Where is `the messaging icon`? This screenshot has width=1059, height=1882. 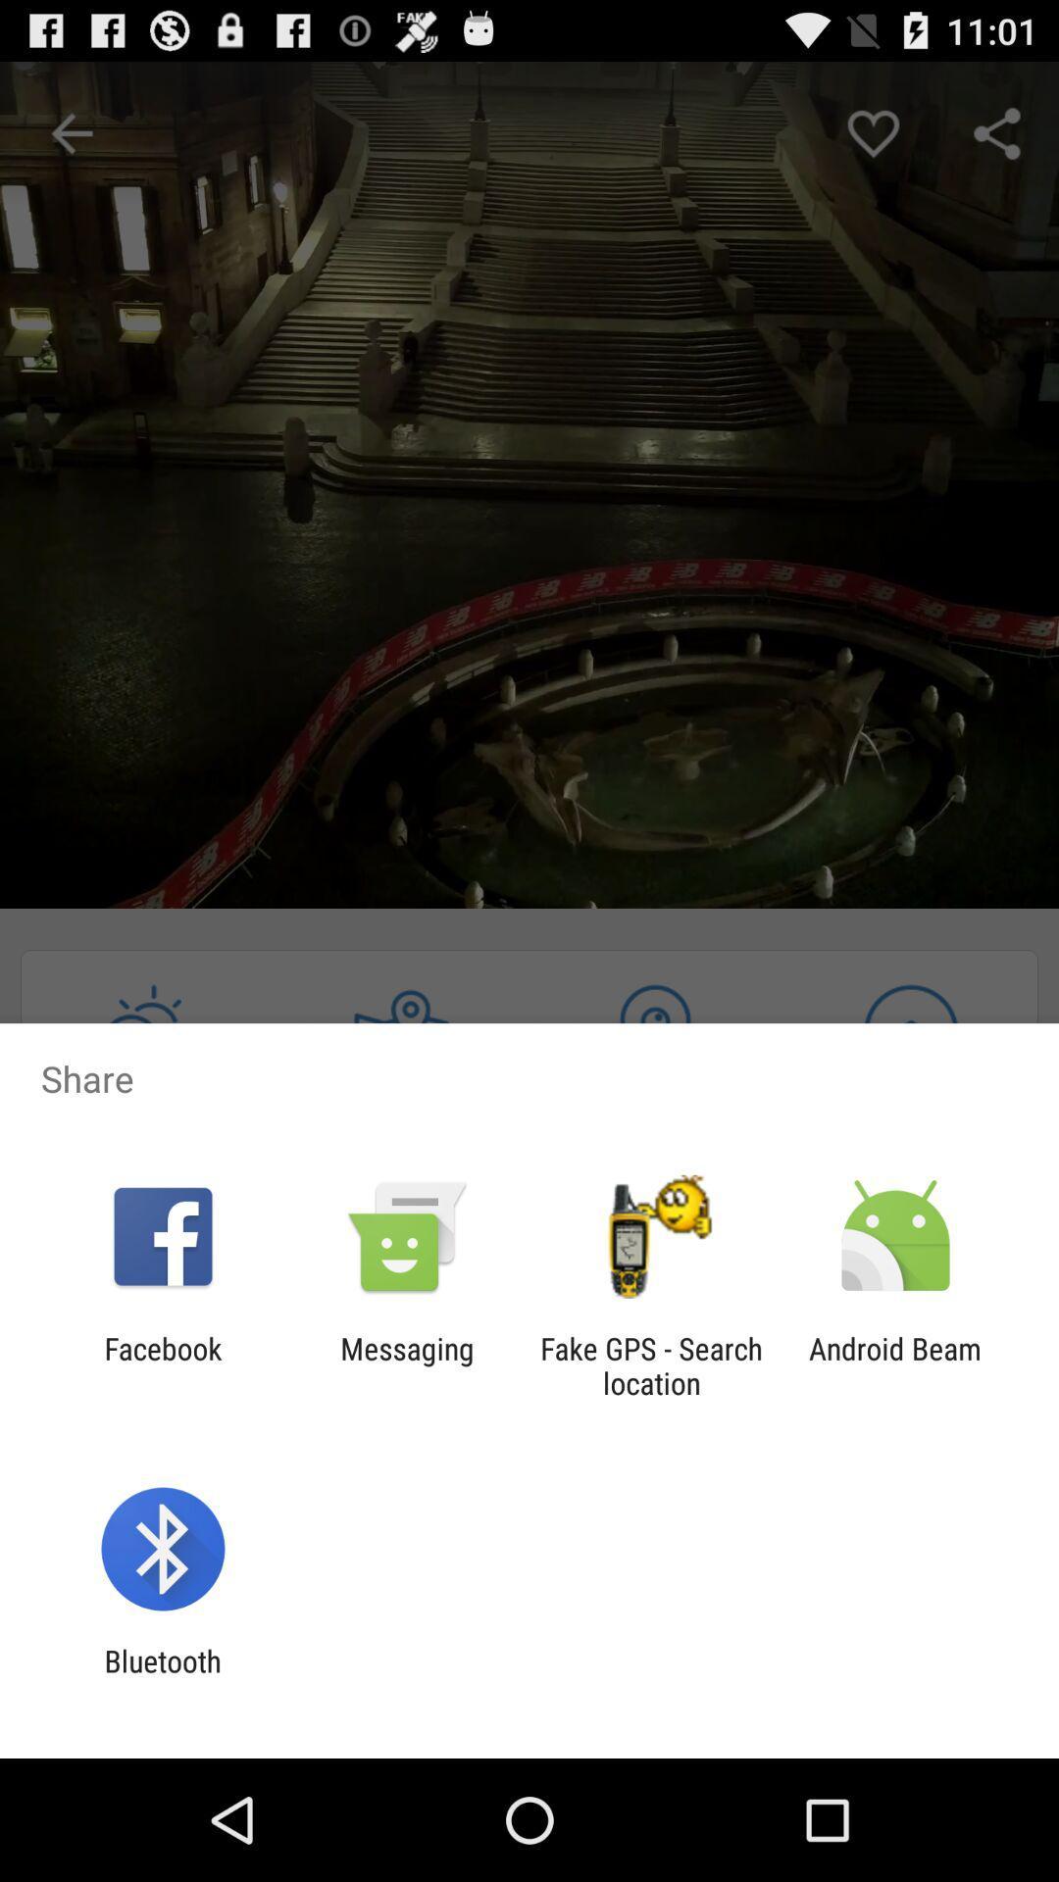 the messaging icon is located at coordinates (406, 1364).